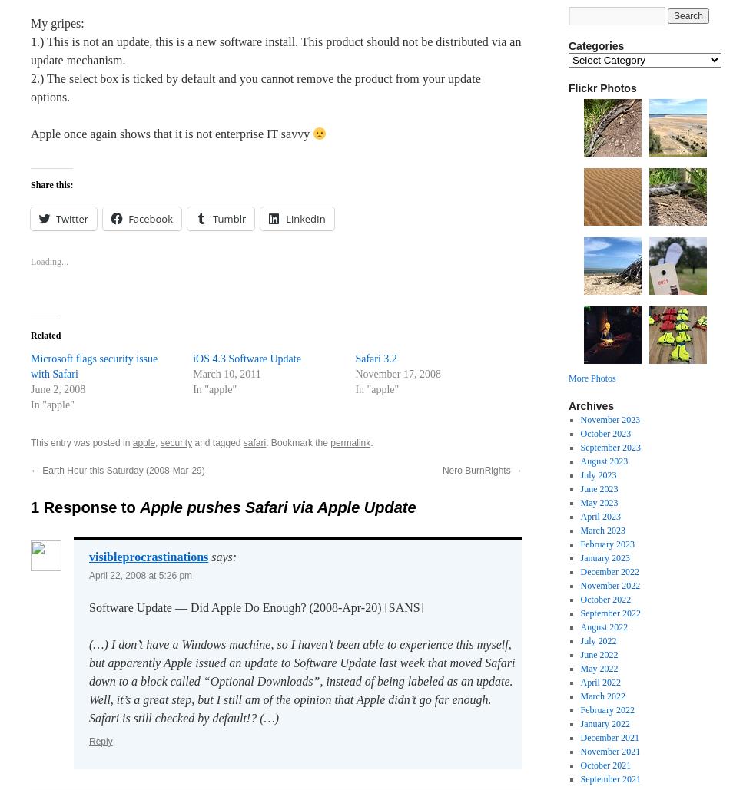 This screenshot has height=790, width=753. I want to click on 'April 22, 2008 at 5:26 pm', so click(140, 576).